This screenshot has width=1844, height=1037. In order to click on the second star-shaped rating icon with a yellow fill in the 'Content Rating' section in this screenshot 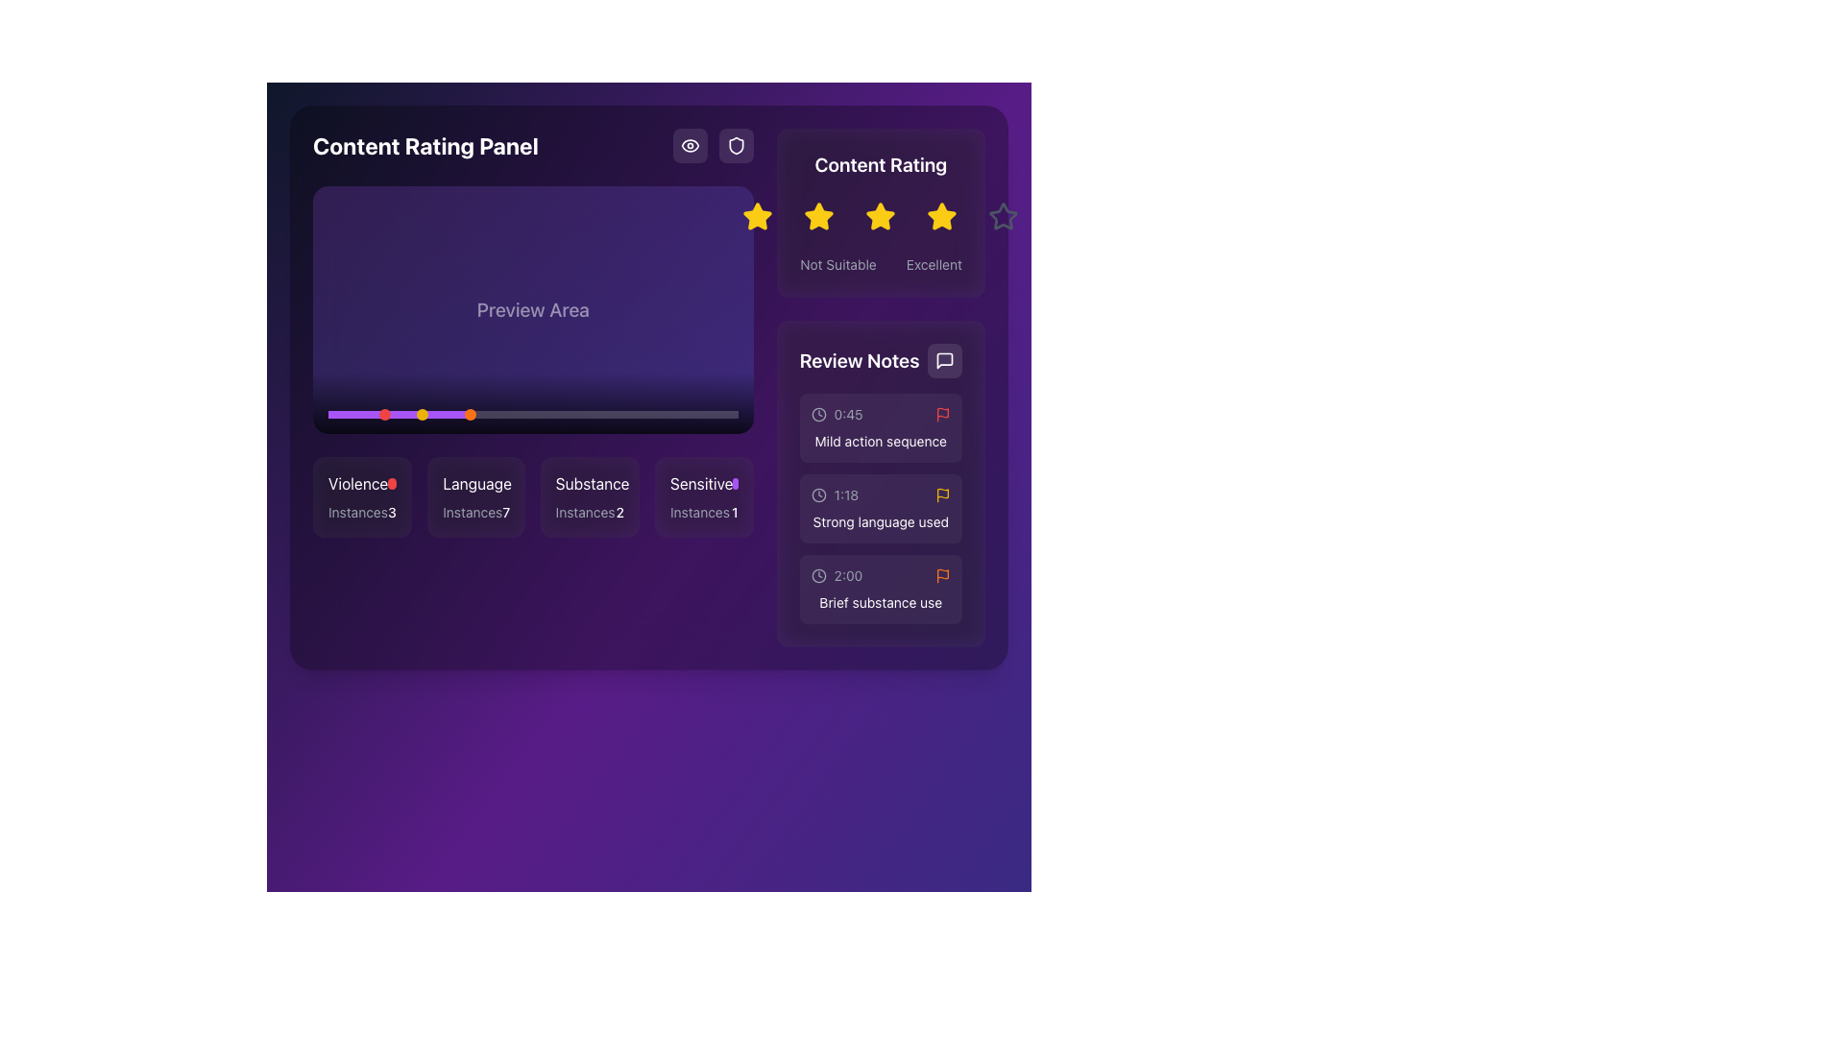, I will do `click(819, 216)`.